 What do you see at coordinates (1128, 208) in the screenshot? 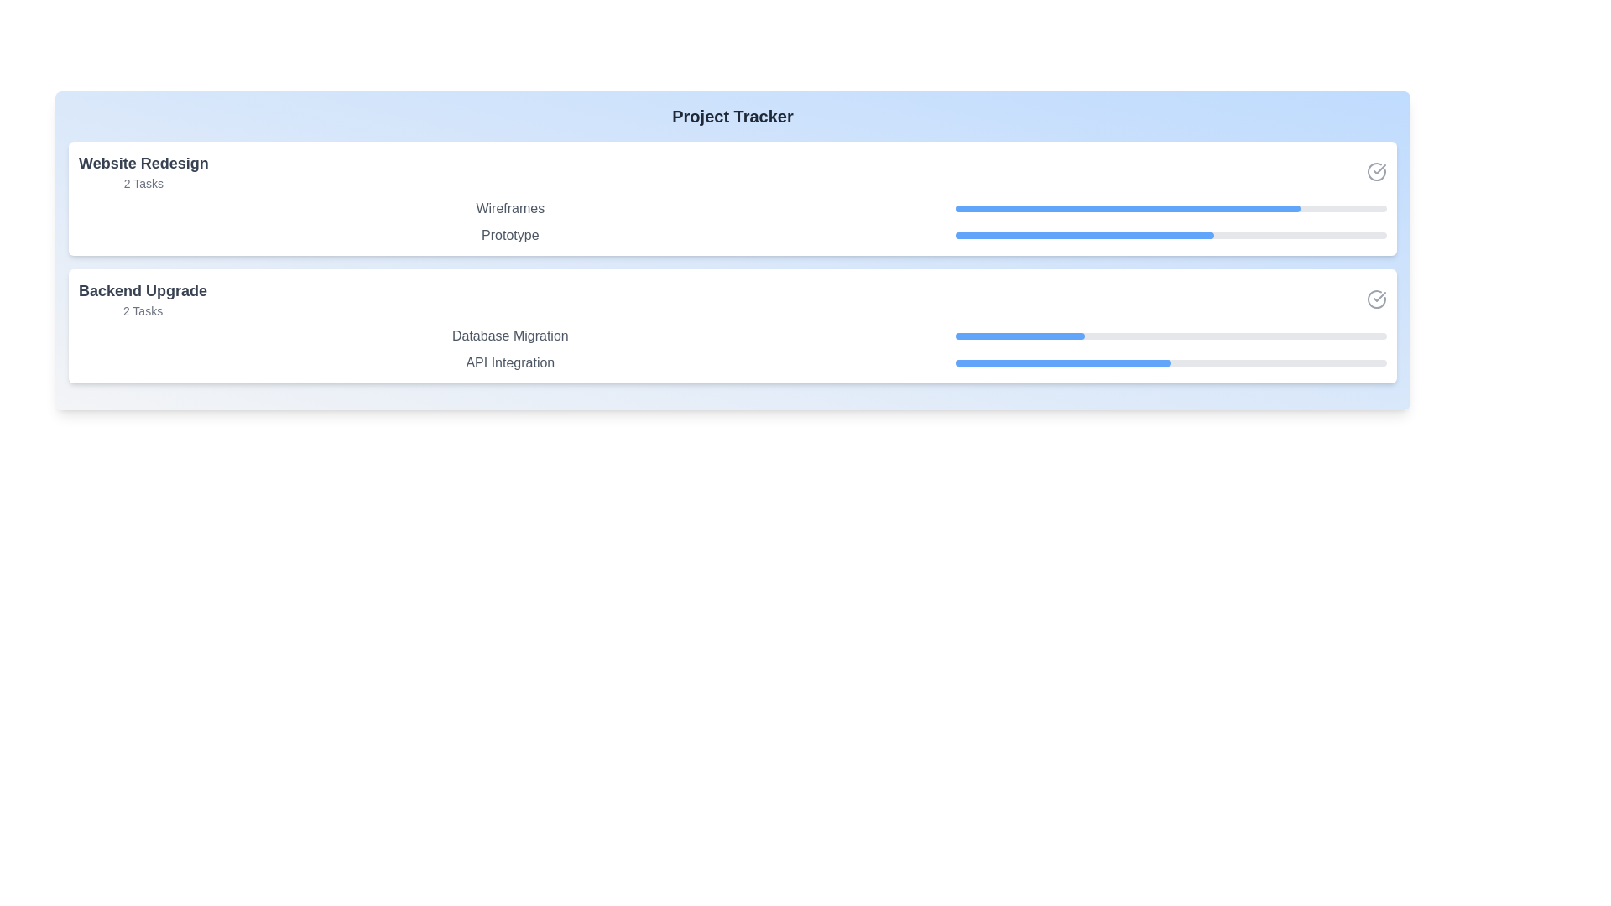
I see `the blue fill component of the progress bar representing 80% completion for the 'Prototype' task under the 'Website Redesign' section` at bounding box center [1128, 208].